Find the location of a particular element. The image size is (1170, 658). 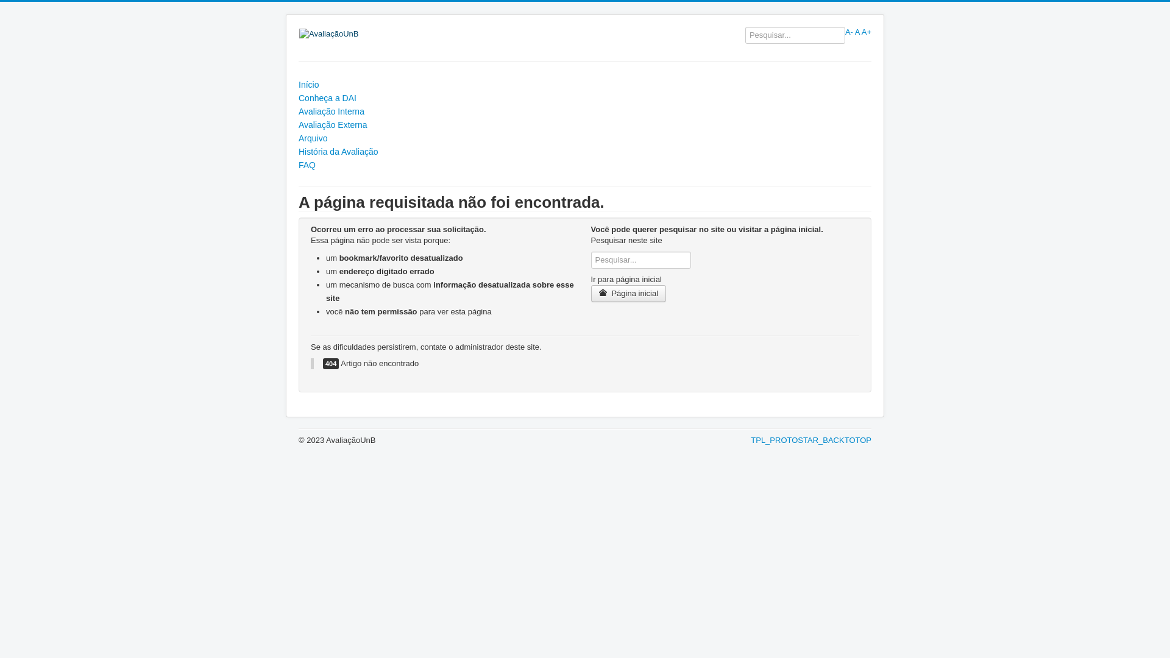

'FAQ' is located at coordinates (298, 164).